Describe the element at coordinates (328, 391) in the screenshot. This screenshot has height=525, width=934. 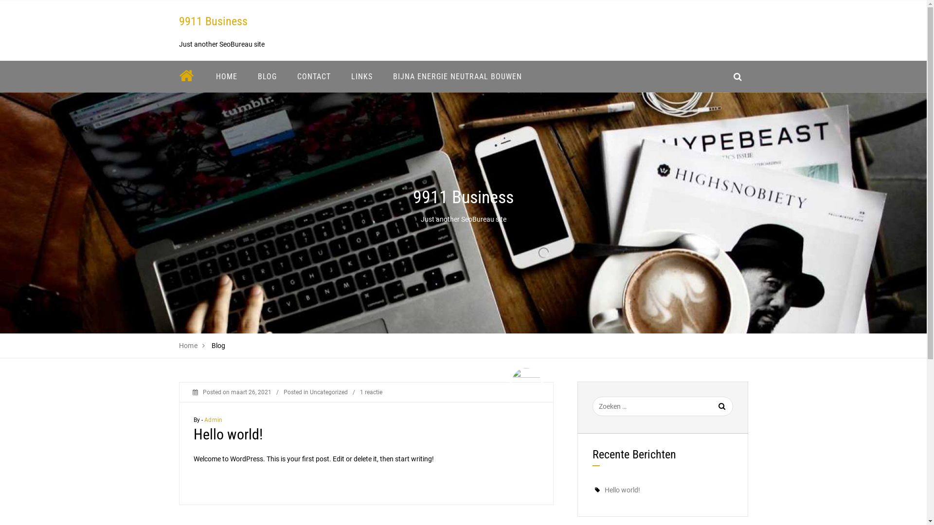
I see `'Uncategorized'` at that location.